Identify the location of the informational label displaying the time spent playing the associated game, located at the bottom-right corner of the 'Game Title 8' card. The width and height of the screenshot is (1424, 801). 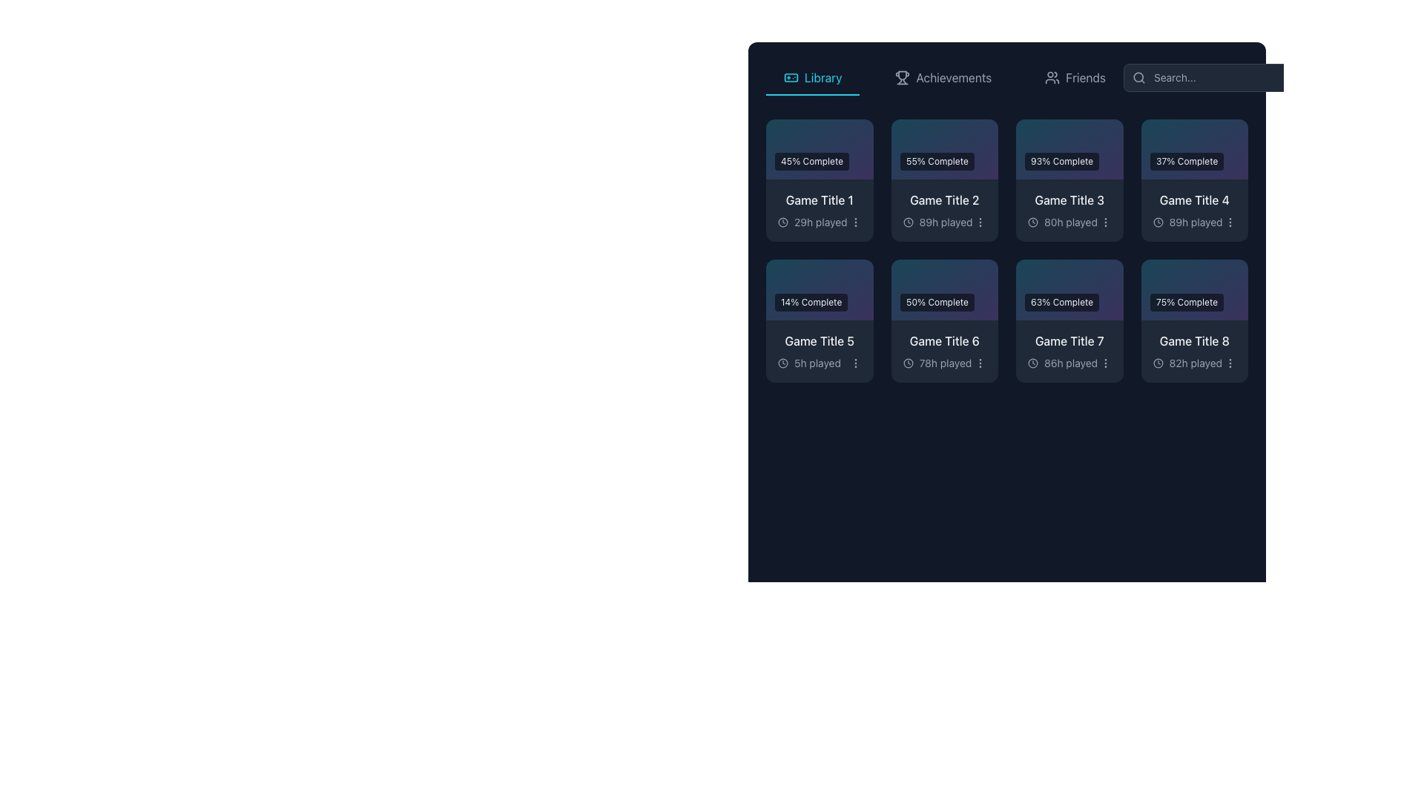
(1187, 363).